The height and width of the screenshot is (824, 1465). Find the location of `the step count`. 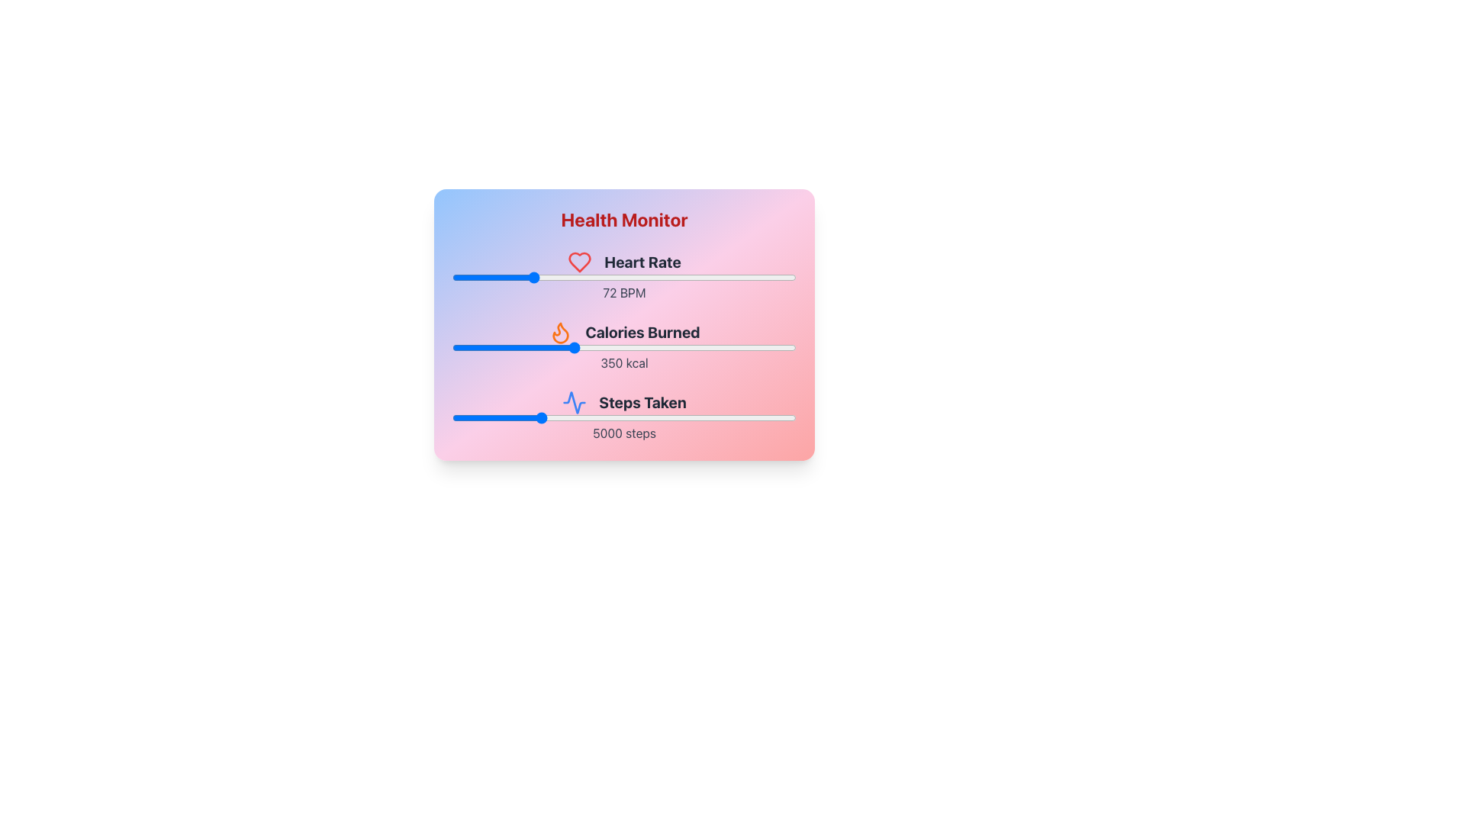

the step count is located at coordinates (658, 417).